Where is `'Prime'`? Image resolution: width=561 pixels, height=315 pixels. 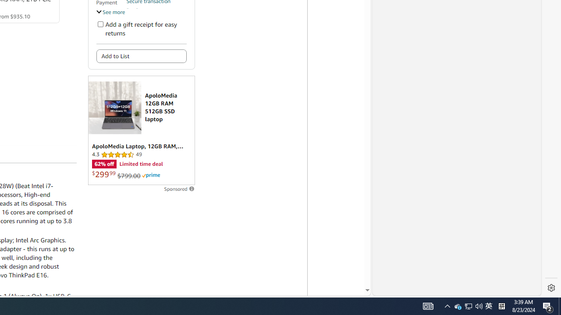 'Prime' is located at coordinates (151, 175).